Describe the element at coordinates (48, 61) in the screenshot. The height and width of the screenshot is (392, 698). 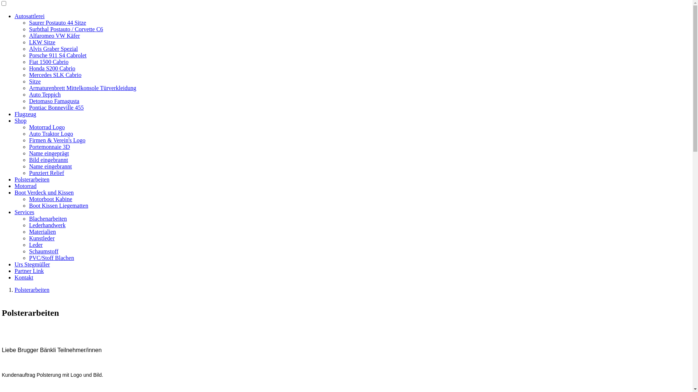
I see `'Fiat 1500 Cabrio'` at that location.